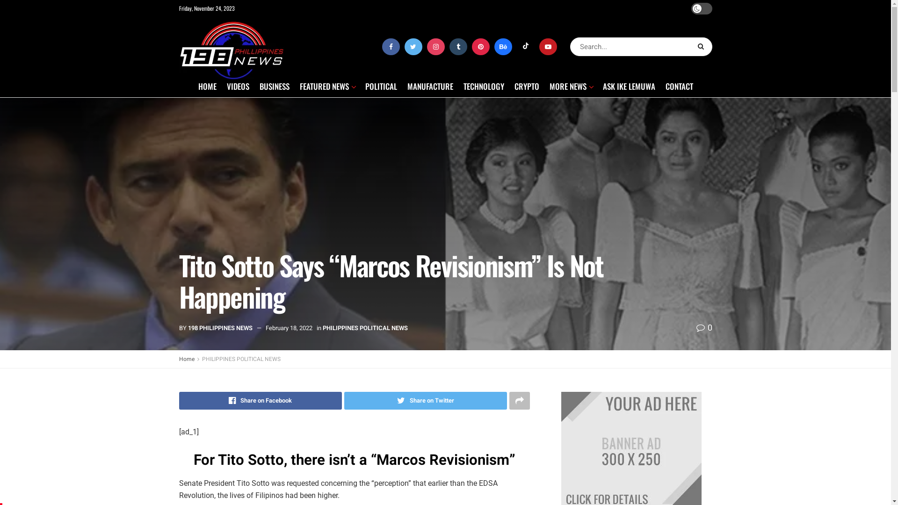 The image size is (898, 505). I want to click on 'BUSINESS', so click(273, 86).